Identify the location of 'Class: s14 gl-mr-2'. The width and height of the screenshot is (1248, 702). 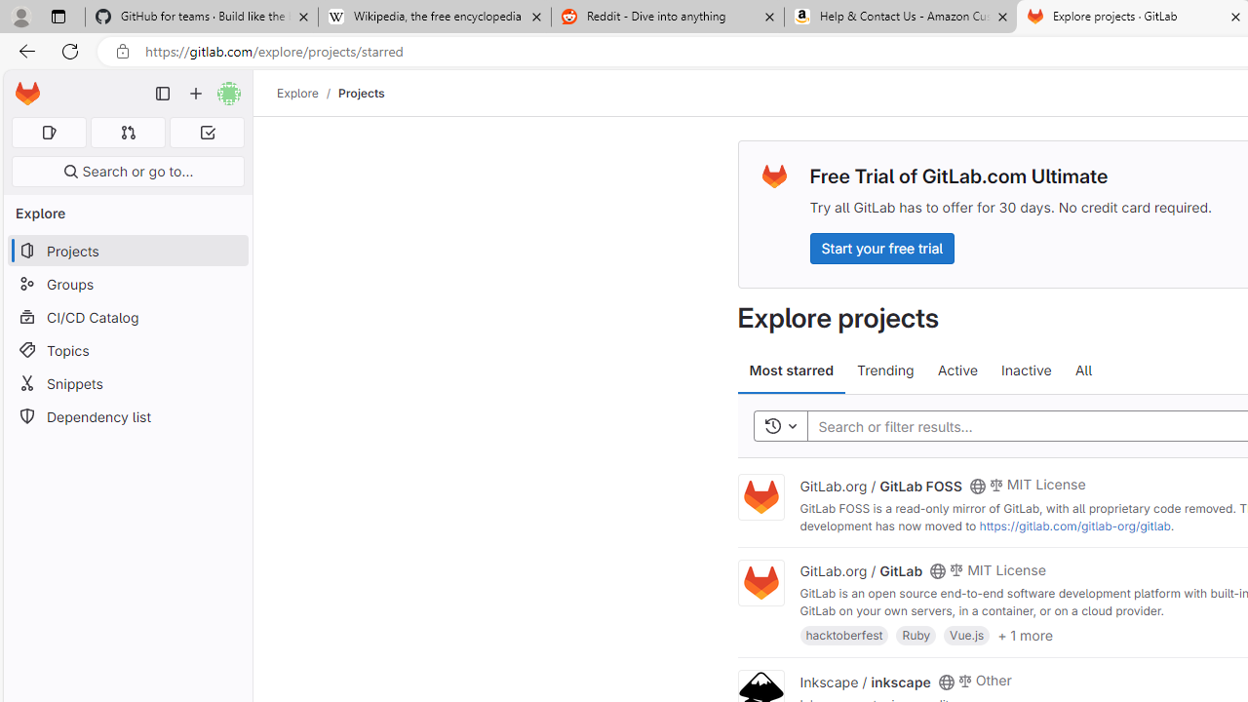
(964, 679).